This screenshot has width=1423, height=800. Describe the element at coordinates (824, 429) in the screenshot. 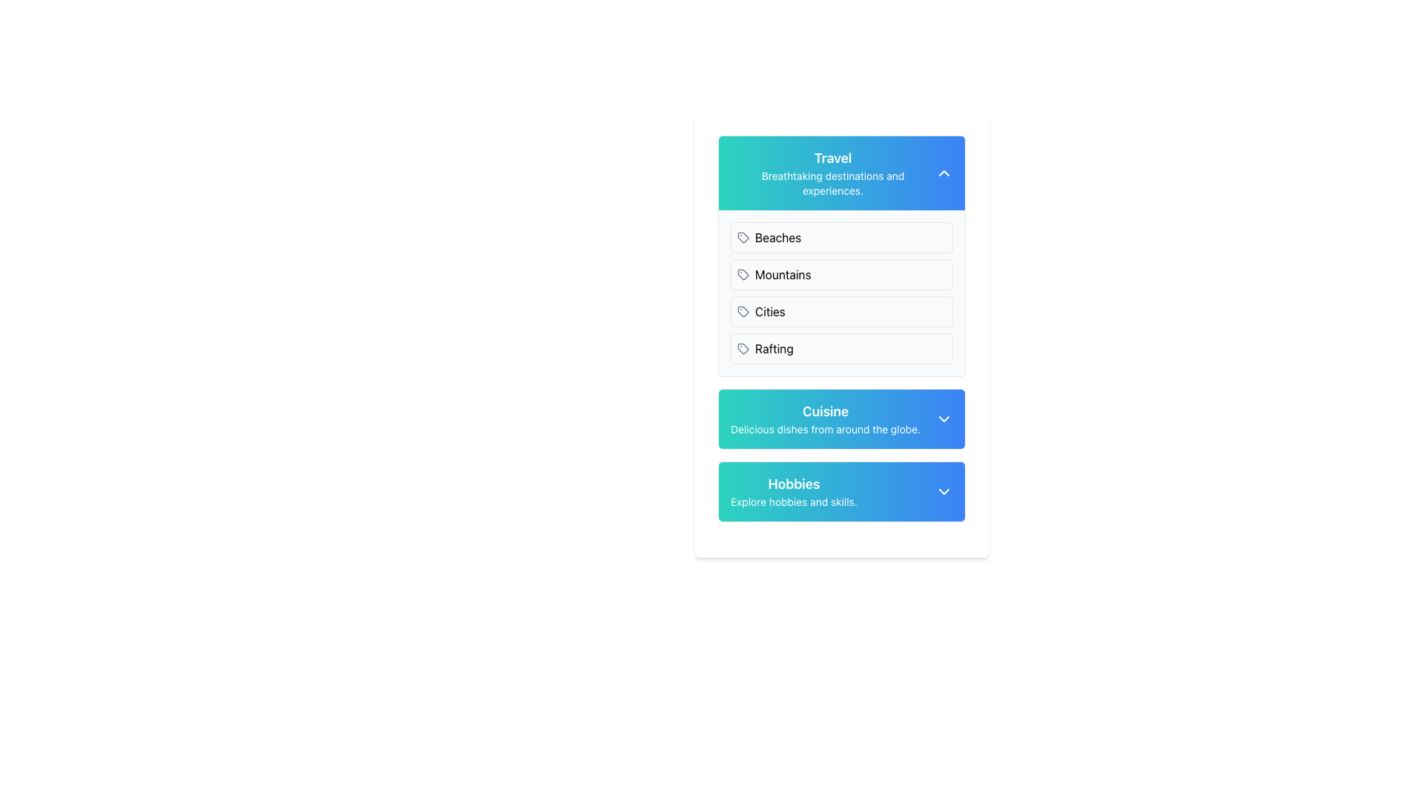

I see `the static text label that describes the 'Cuisine' section, located directly below the 'Cuisine' heading in the second card of a vertical stack` at that location.